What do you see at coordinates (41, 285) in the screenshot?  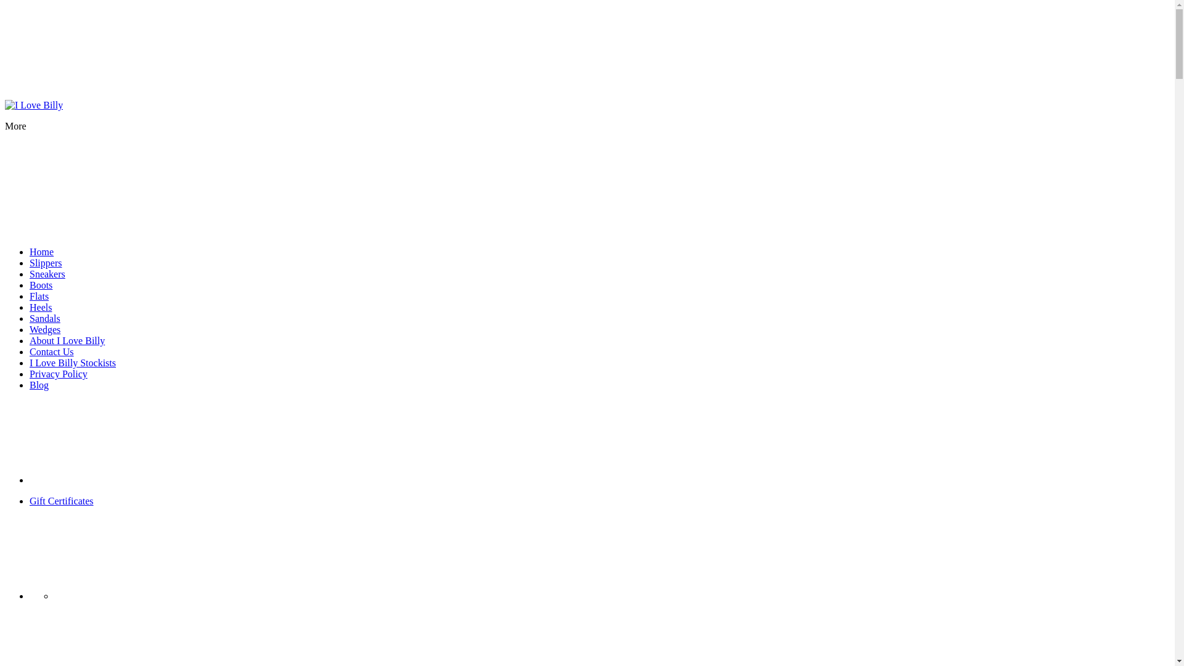 I see `'Boots'` at bounding box center [41, 285].